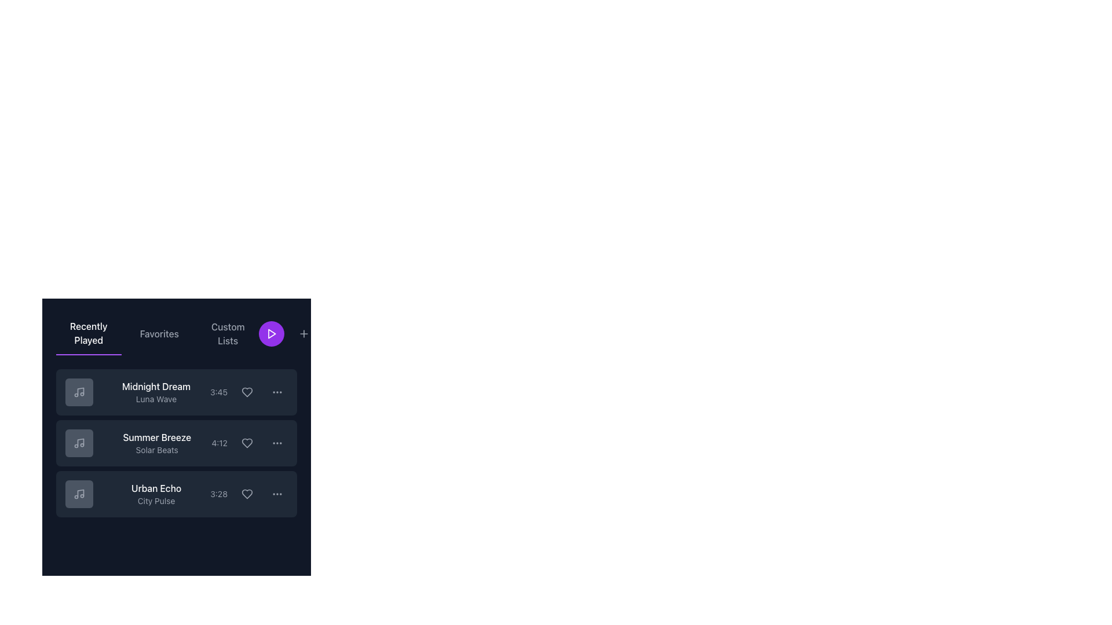  Describe the element at coordinates (228, 334) in the screenshot. I see `the third item in the horizontal navigation bar, which is the Navigation Tab` at that location.